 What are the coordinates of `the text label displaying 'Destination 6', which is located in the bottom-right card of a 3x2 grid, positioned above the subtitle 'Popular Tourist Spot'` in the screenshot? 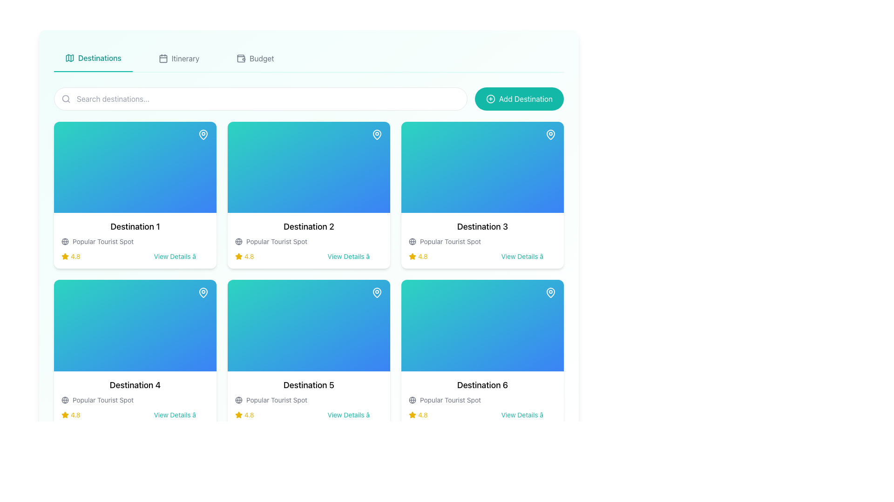 It's located at (482, 385).